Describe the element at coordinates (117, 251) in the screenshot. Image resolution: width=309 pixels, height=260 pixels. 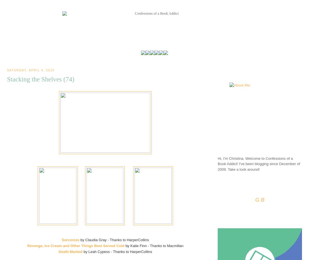
I see `'by Leah Cypess - Thanks to HarperCollins'` at that location.